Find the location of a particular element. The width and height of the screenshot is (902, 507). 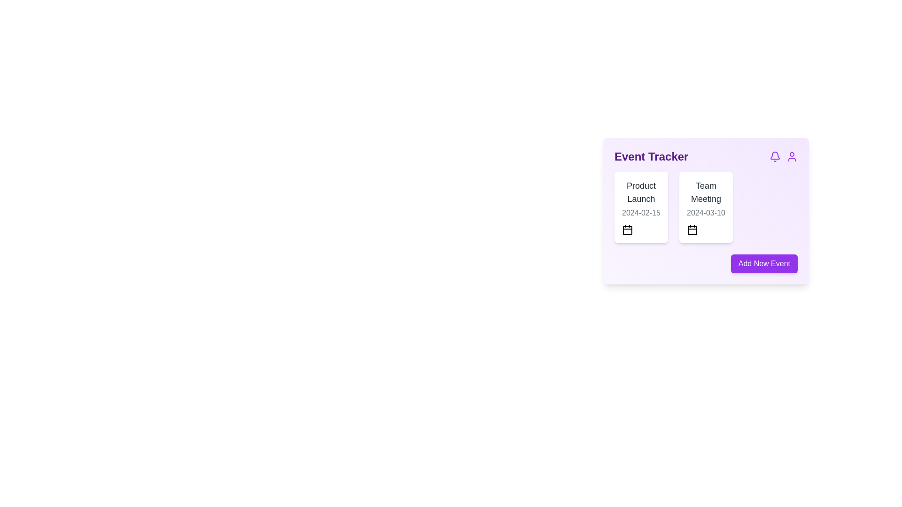

the Text label displaying the date below the 'Product Launch' event name is located at coordinates (640, 213).